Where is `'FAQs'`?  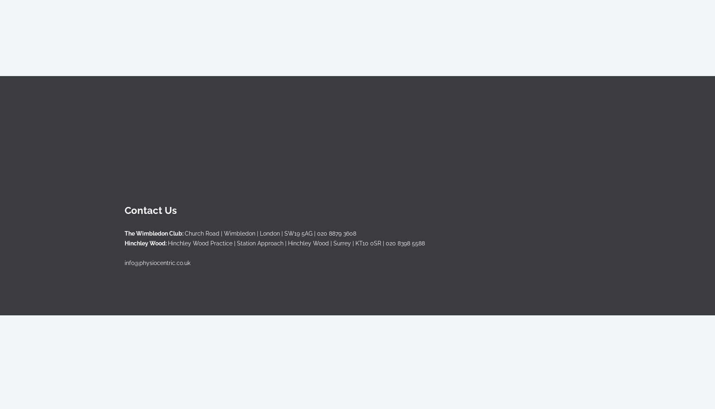 'FAQs' is located at coordinates (290, 126).